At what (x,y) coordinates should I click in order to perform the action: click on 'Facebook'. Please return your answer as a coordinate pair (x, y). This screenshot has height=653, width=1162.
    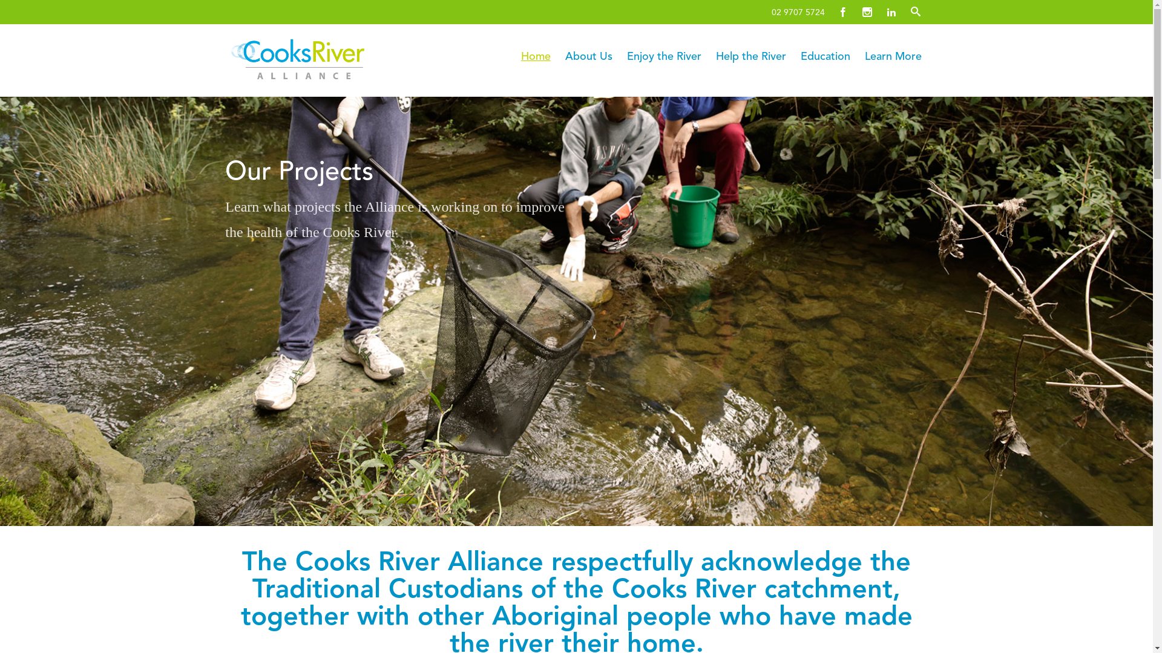
    Looking at the image, I should click on (842, 11).